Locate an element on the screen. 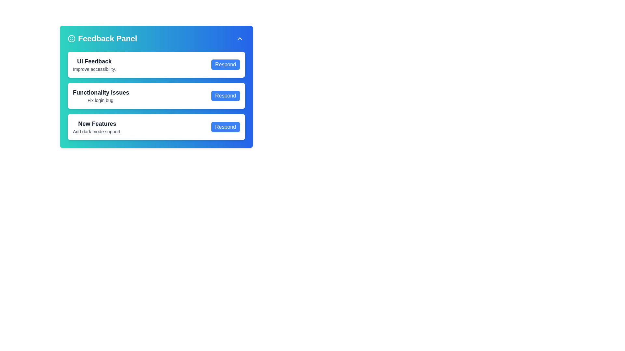 Image resolution: width=625 pixels, height=351 pixels. the composite element titled 'Functionality Issues' which contains a button labeled 'Respond' and is located in the 'Feedback Panel' section is located at coordinates (156, 96).